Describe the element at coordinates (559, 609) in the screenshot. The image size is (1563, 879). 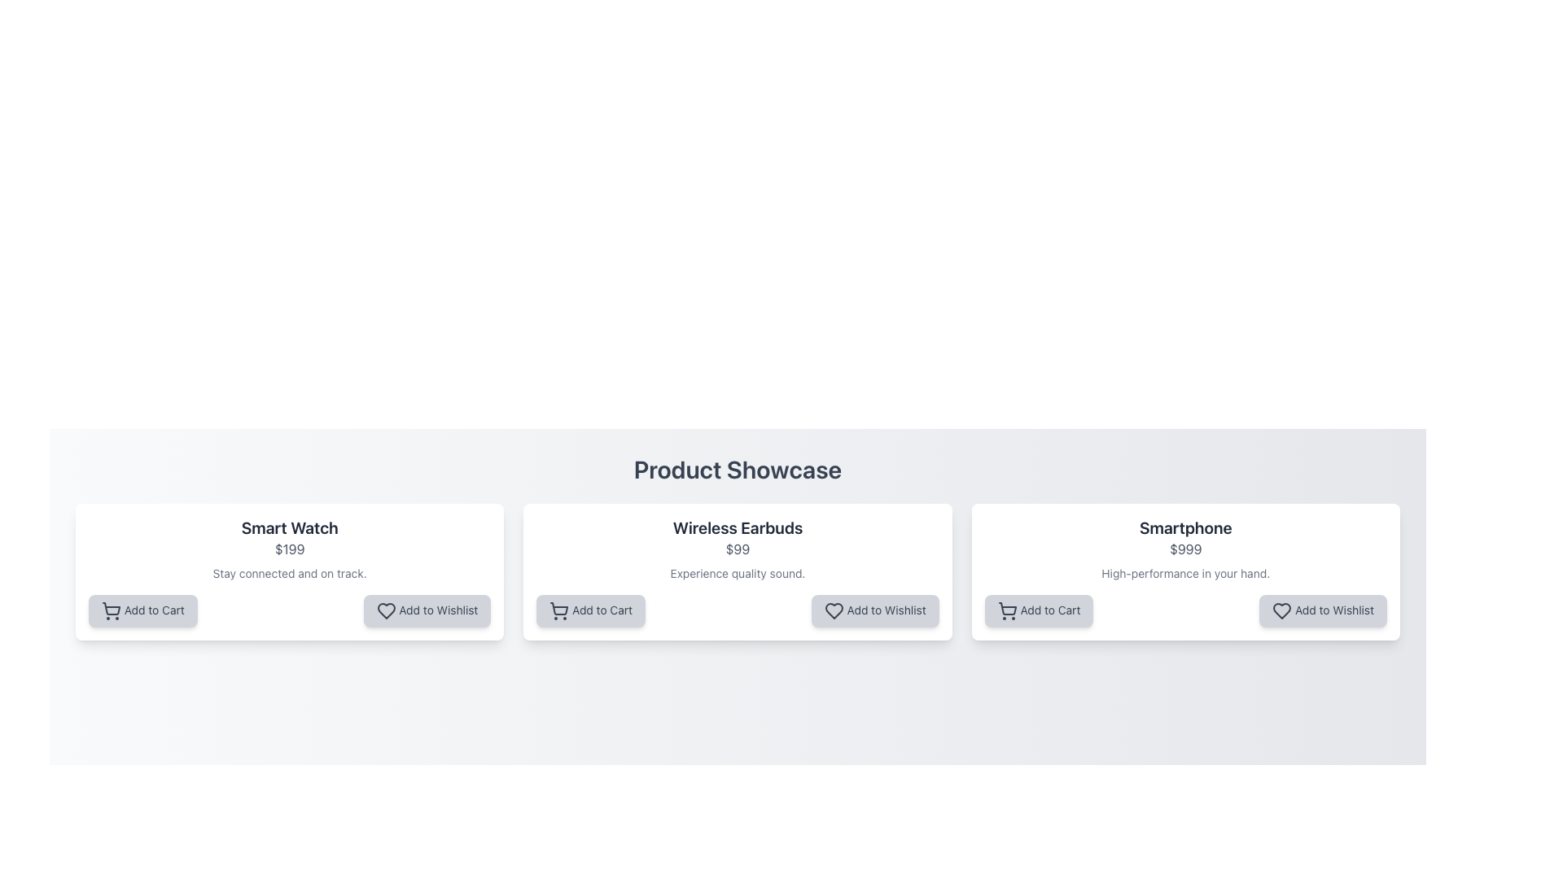
I see `the shopping cart icon within the 'Add to Cart' button located under the 'Wireless Earbuds' product card` at that location.